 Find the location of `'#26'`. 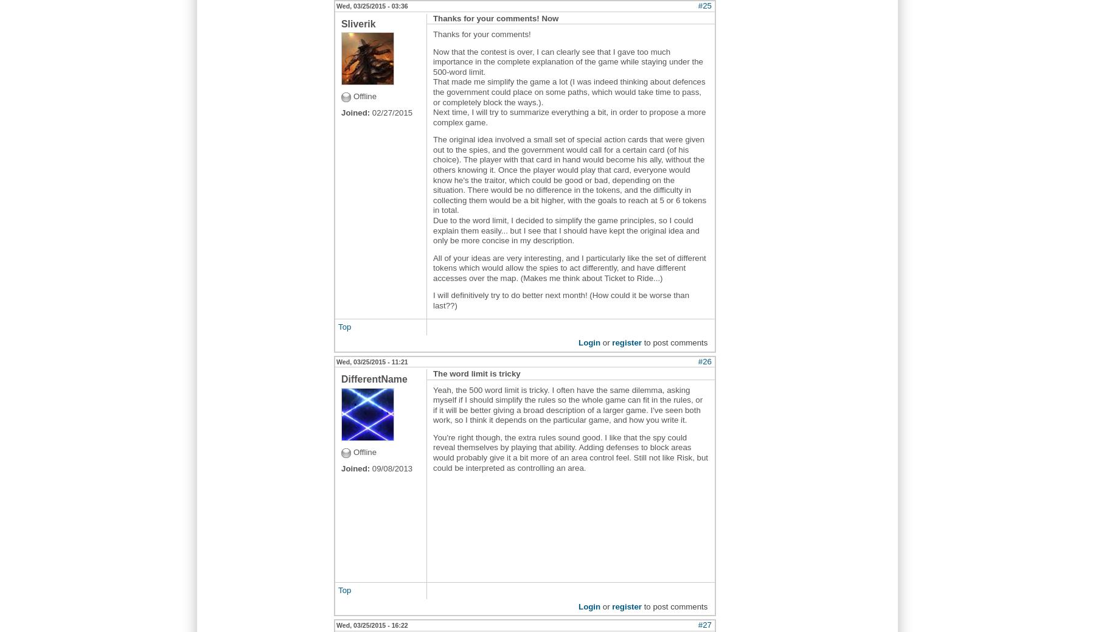

'#26' is located at coordinates (704, 361).